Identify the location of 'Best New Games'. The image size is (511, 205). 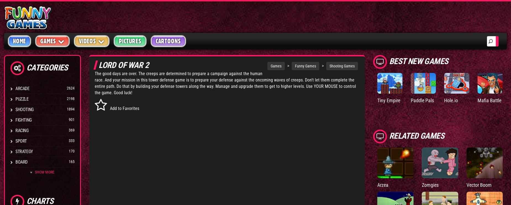
(419, 61).